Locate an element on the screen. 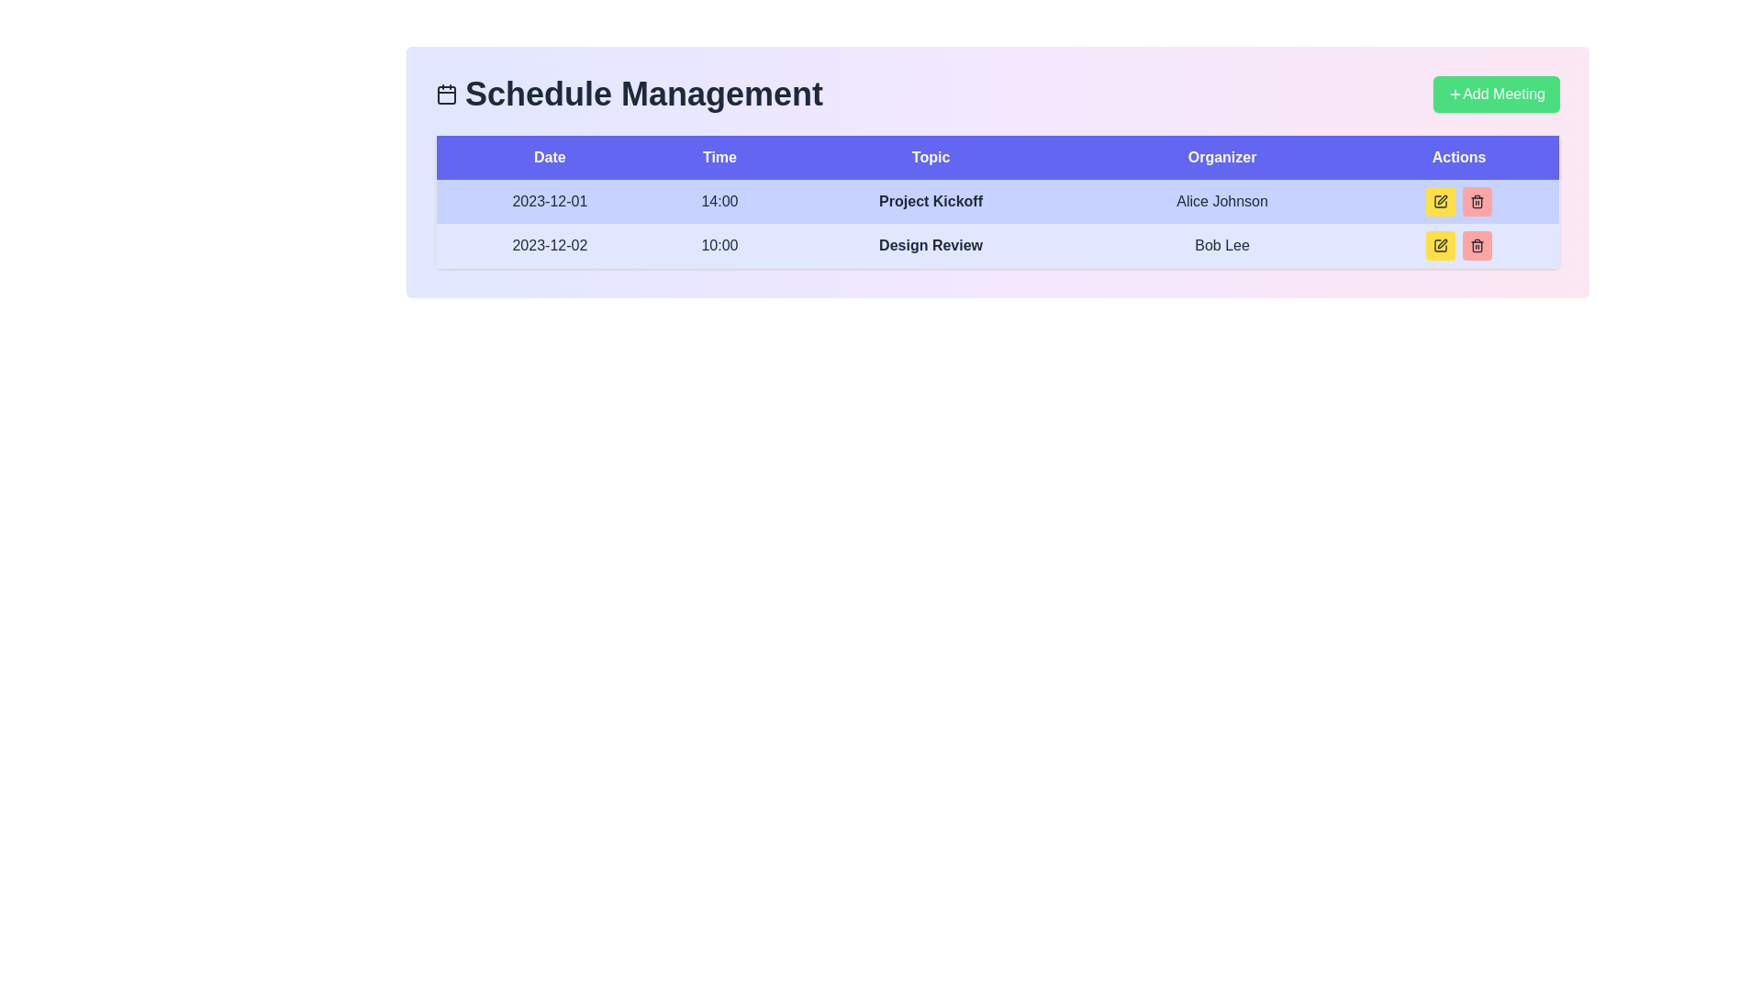  text of the 'Time' header label, which is the second header in the data table, positioned between the 'Date' and 'Topic' headers is located at coordinates (719, 156).